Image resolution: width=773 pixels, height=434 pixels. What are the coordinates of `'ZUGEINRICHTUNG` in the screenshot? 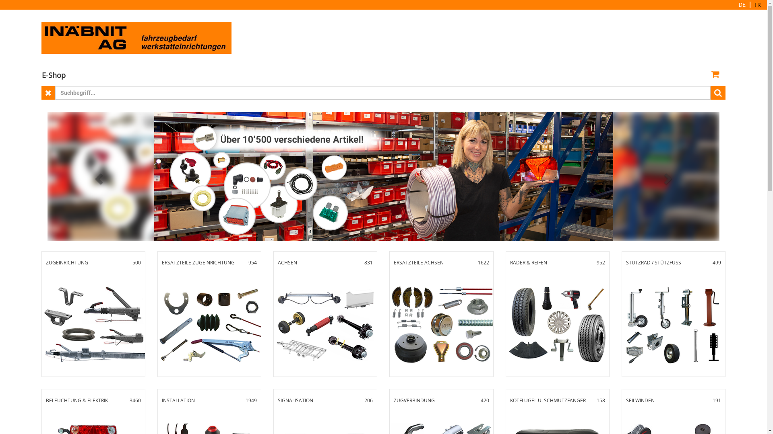 It's located at (41, 313).